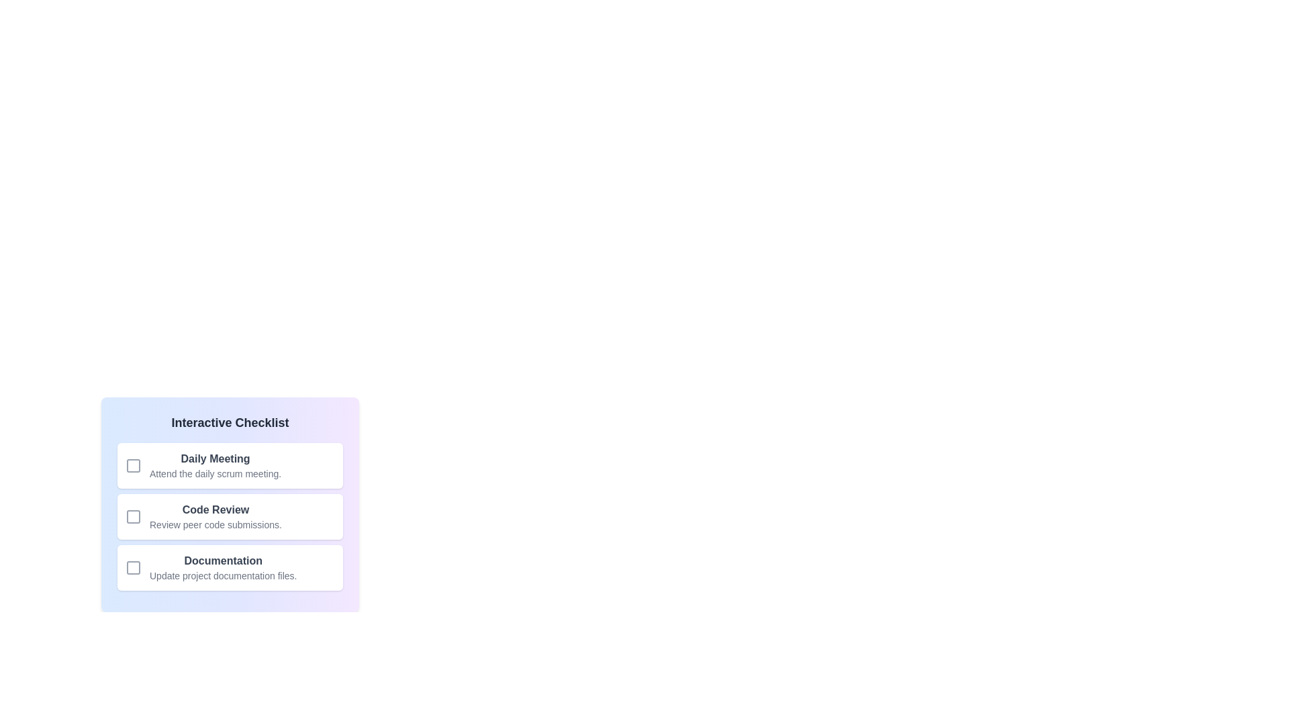 Image resolution: width=1289 pixels, height=725 pixels. Describe the element at coordinates (133, 465) in the screenshot. I see `the square-shaped checkbox with a thin gray border positioned to the left of the 'Daily Meeting' text` at that location.